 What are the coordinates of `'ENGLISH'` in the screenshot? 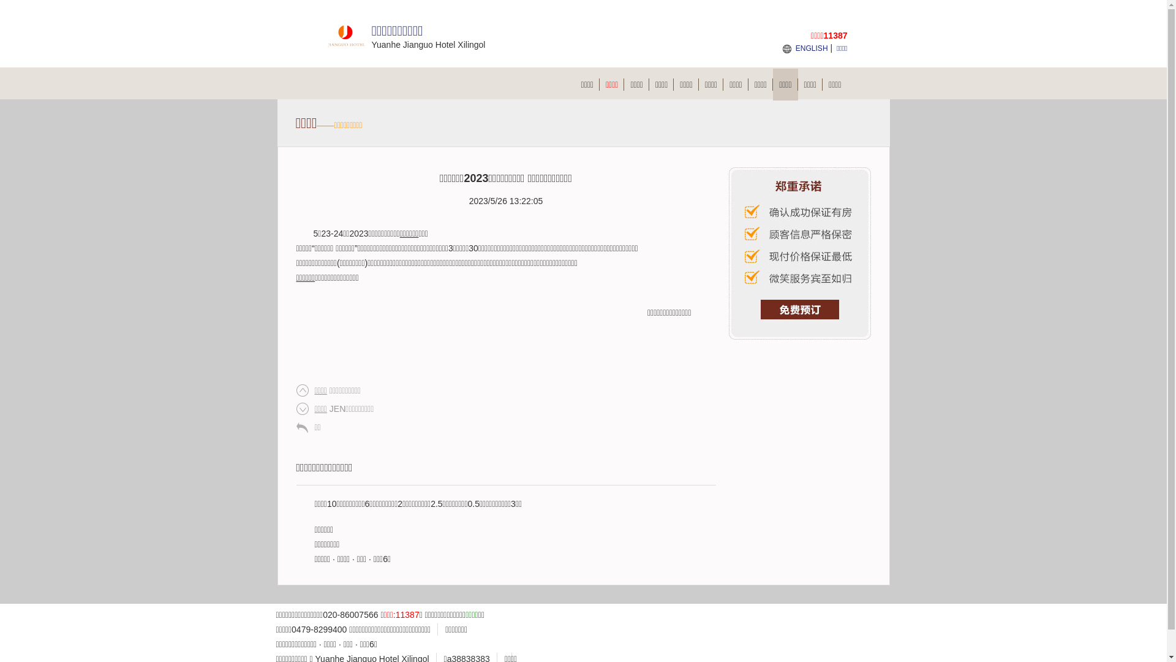 It's located at (812, 47).